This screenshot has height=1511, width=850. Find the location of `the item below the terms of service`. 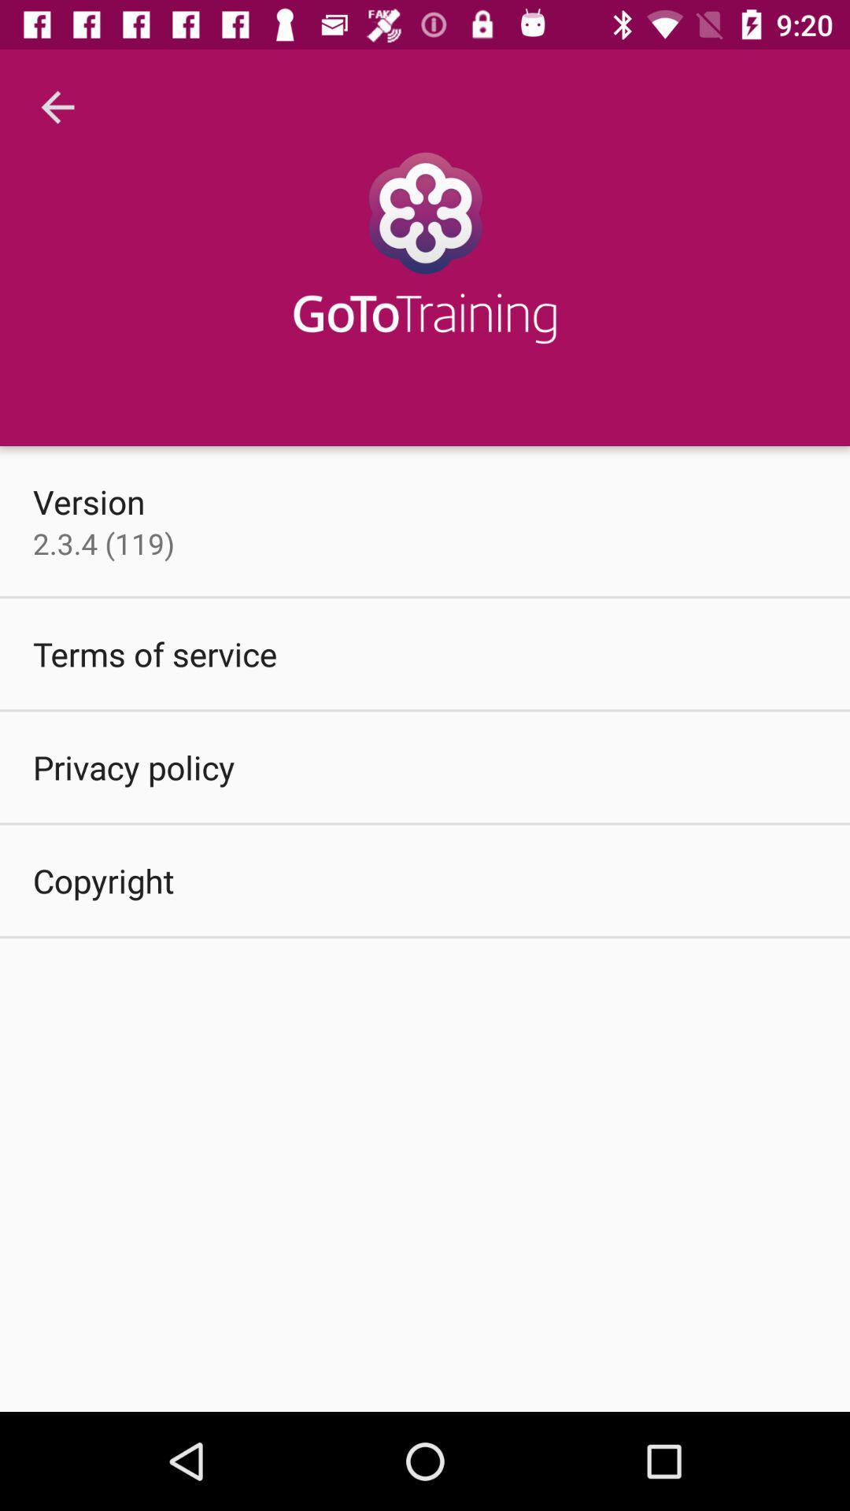

the item below the terms of service is located at coordinates (133, 767).